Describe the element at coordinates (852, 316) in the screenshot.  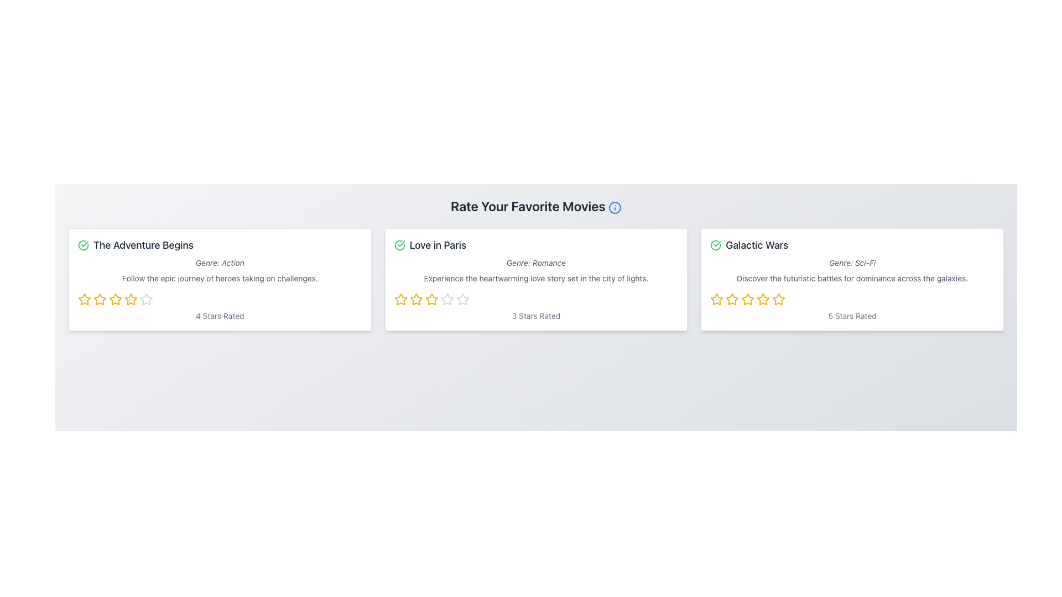
I see `the text label that displays the rating score for the content in the 'Galactic Wars' card, located below the yellow stars` at that location.